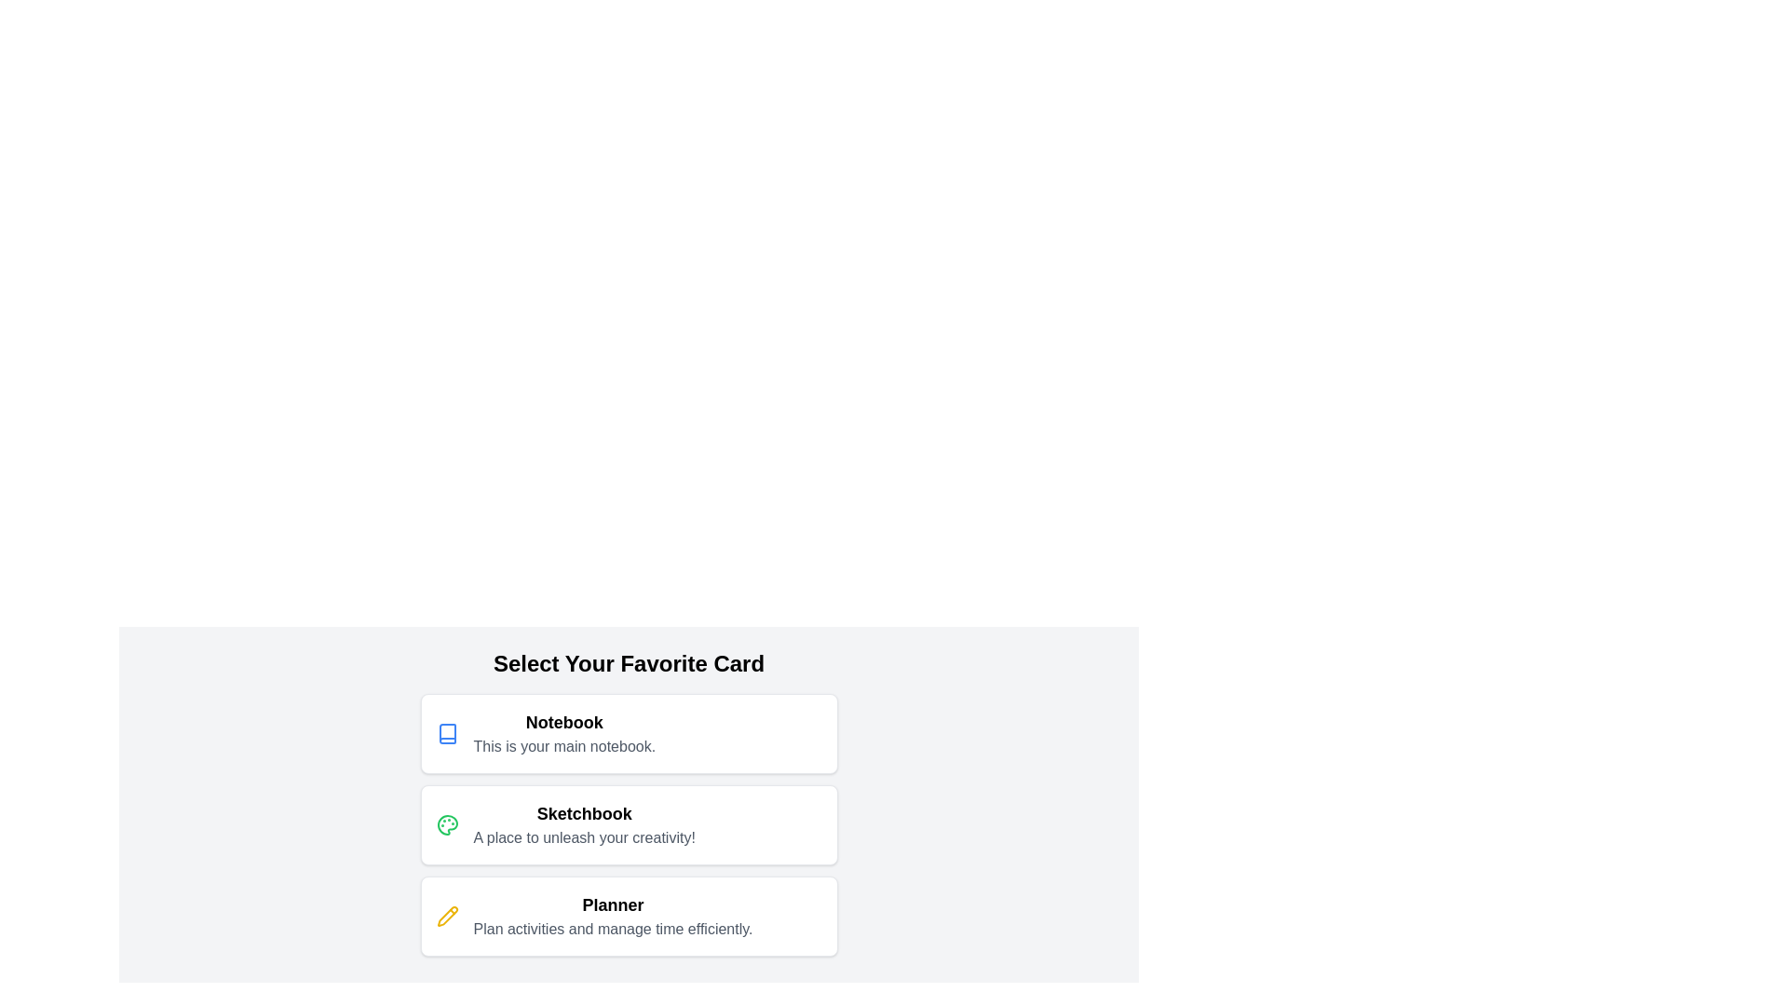 This screenshot has width=1788, height=1006. What do you see at coordinates (447, 824) in the screenshot?
I see `the Sketchbook icon, which visually represents creativity and artistry, located in the middle section of the 'Select Your Favorite Card' list, to the left of the 'Sketchbook' text` at bounding box center [447, 824].